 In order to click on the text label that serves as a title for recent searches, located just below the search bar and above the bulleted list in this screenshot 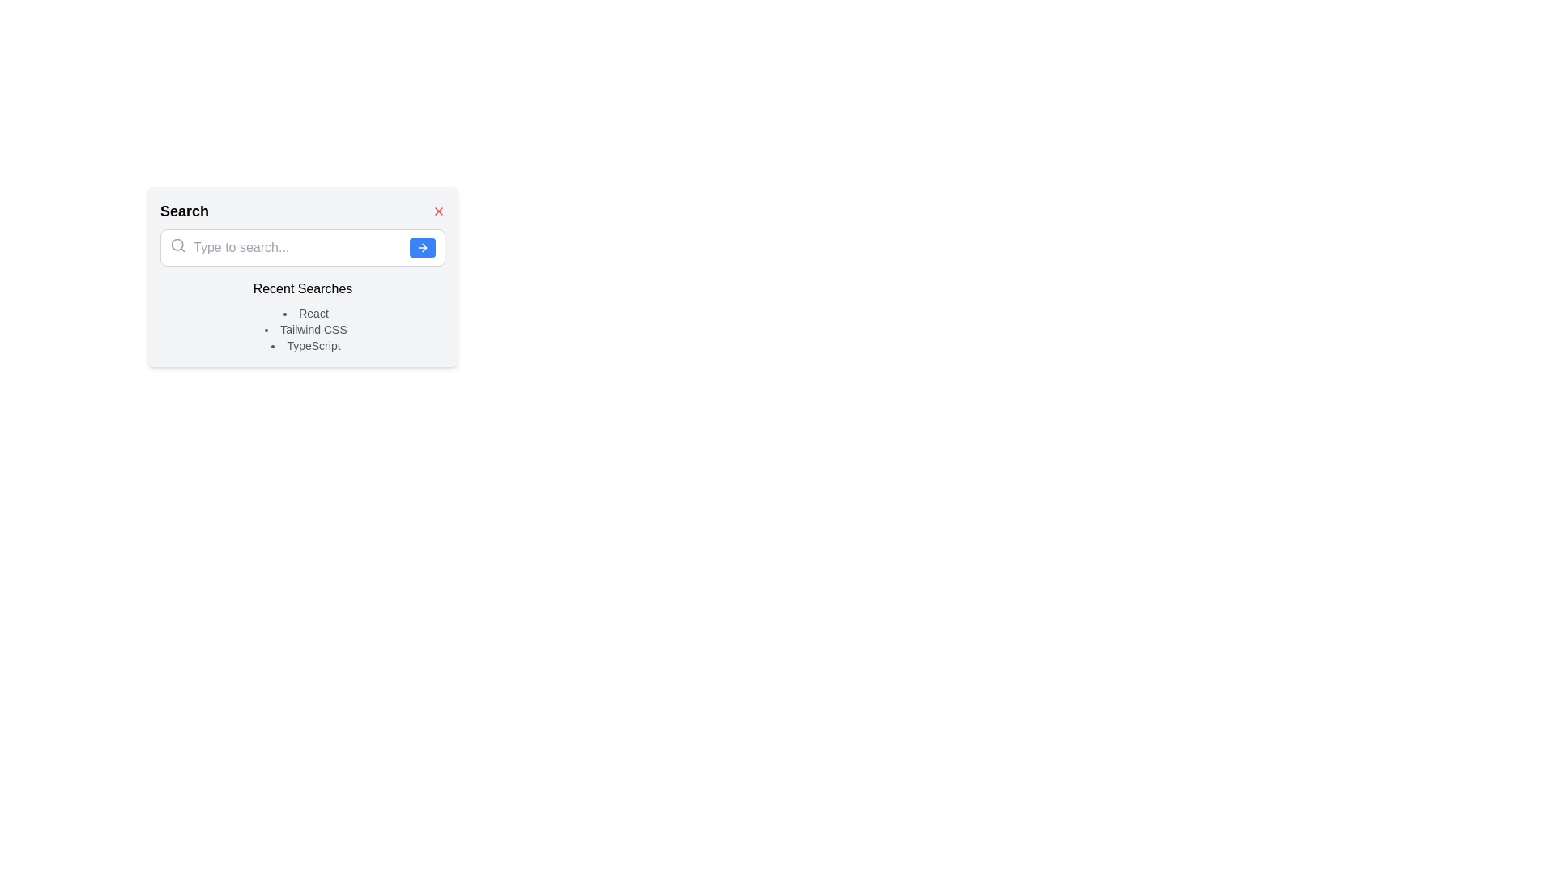, I will do `click(303, 288)`.